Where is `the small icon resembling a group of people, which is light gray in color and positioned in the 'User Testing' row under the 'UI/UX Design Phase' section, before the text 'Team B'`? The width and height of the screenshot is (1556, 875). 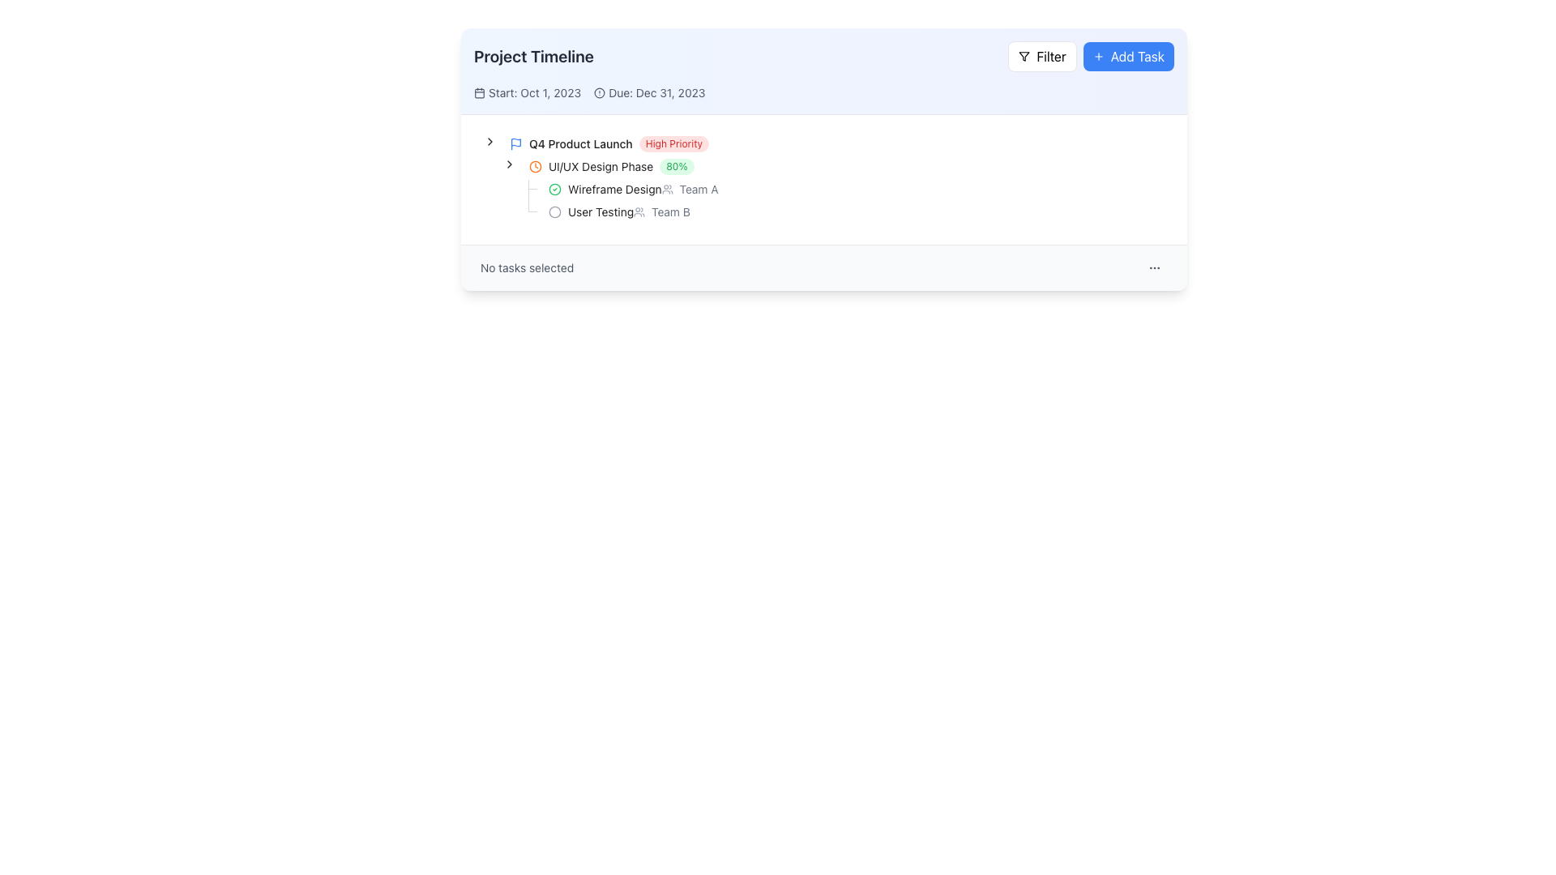 the small icon resembling a group of people, which is light gray in color and positioned in the 'User Testing' row under the 'UI/UX Design Phase' section, before the text 'Team B' is located at coordinates (639, 211).